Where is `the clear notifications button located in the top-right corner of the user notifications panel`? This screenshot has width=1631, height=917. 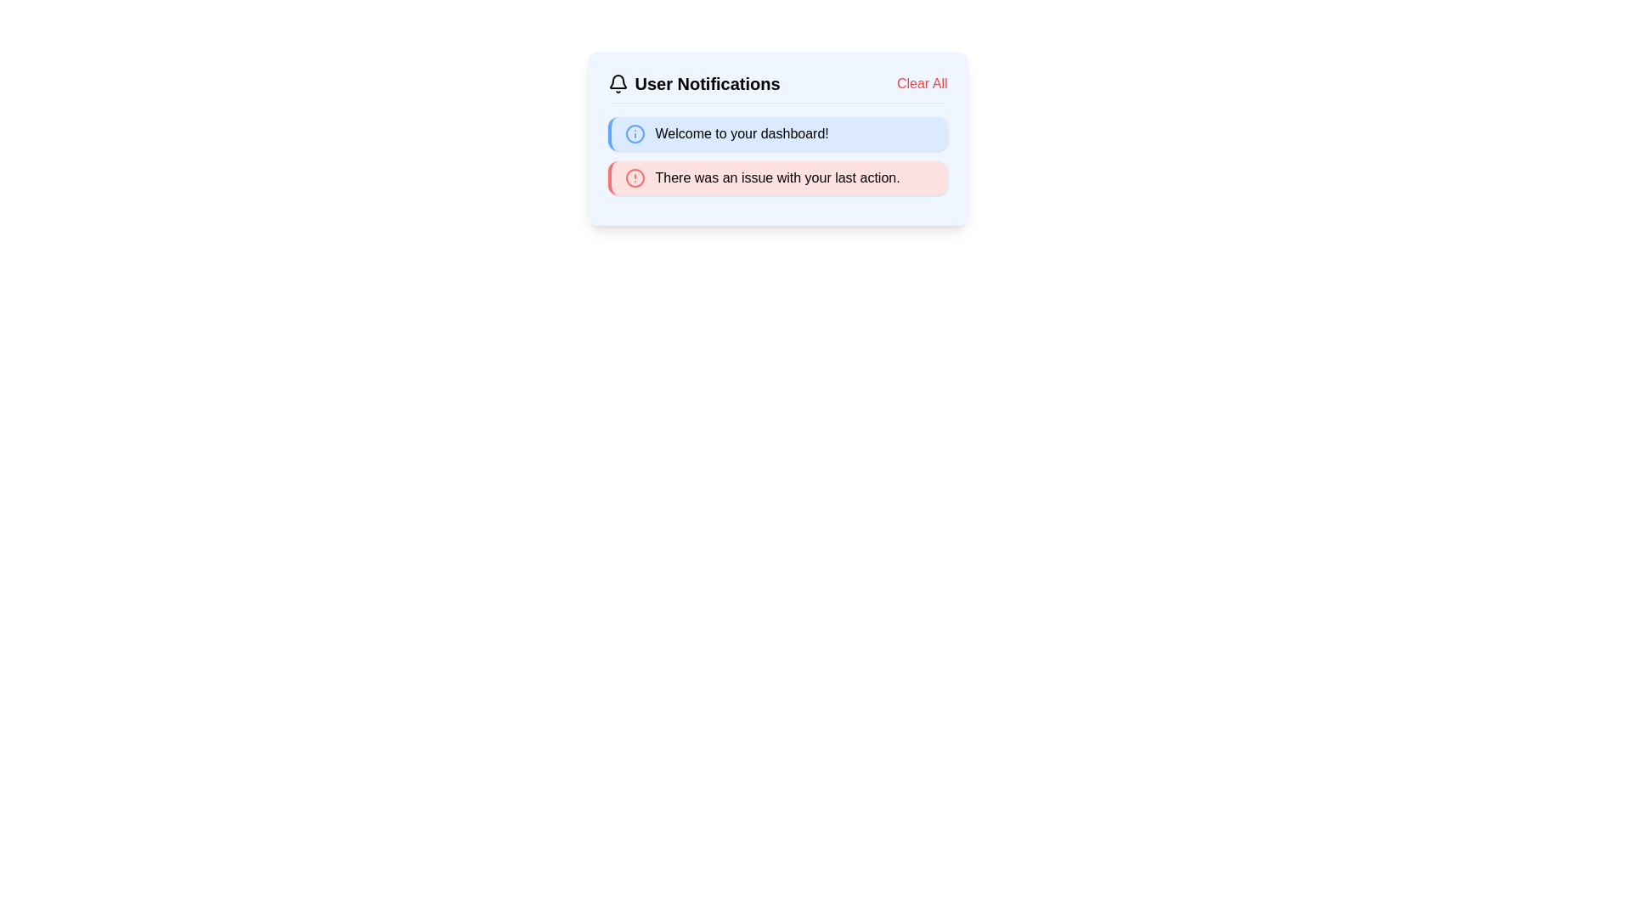 the clear notifications button located in the top-right corner of the user notifications panel is located at coordinates (921, 84).